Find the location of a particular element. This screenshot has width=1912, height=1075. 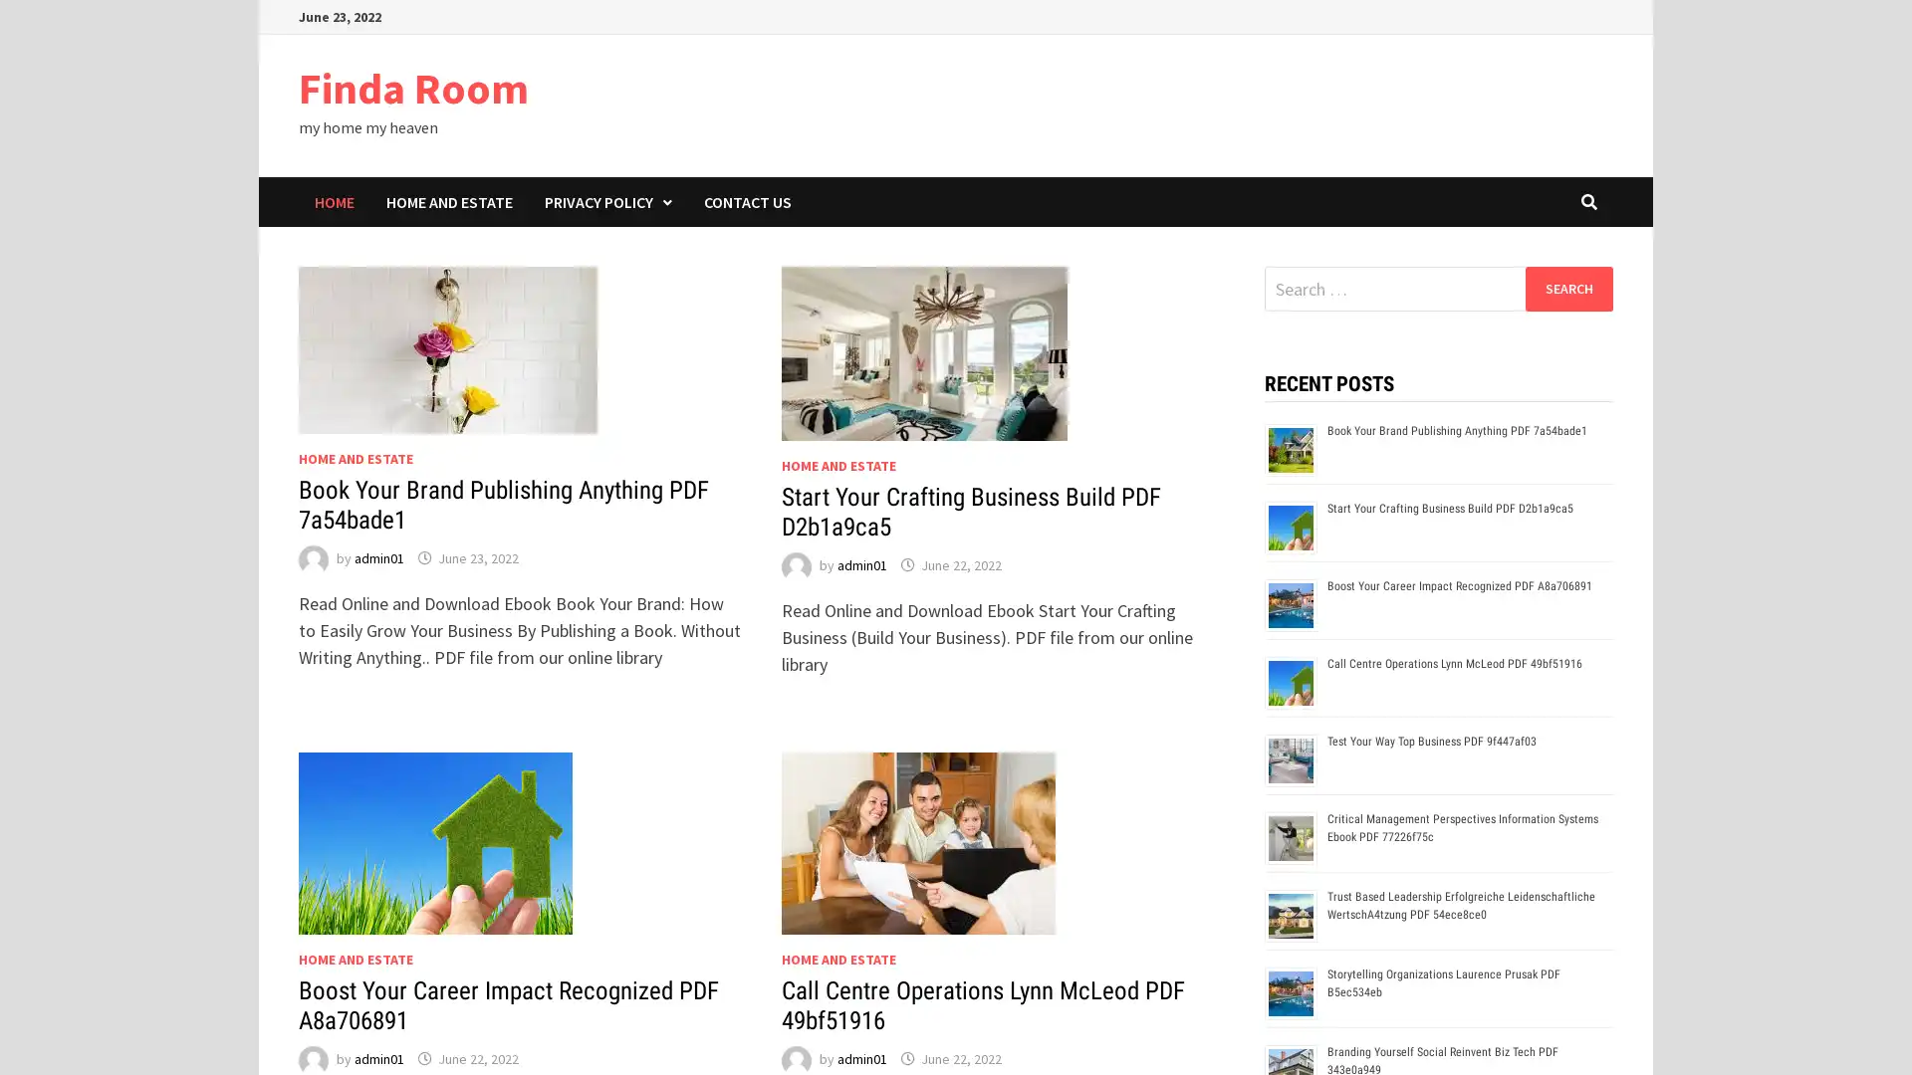

Search is located at coordinates (1567, 288).